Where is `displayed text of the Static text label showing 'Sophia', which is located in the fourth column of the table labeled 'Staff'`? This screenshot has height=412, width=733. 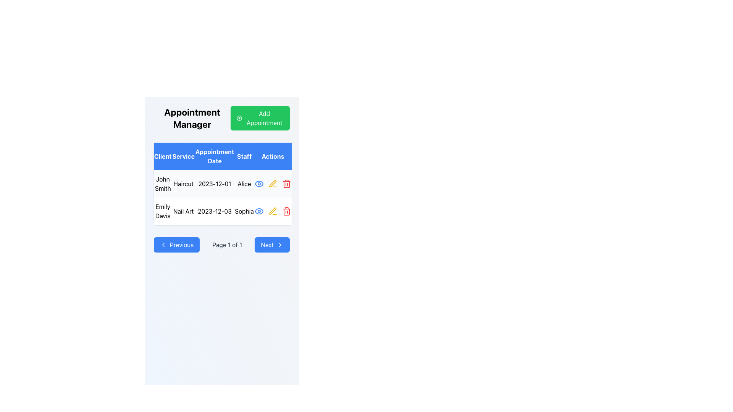
displayed text of the Static text label showing 'Sophia', which is located in the fourth column of the table labeled 'Staff' is located at coordinates (244, 211).